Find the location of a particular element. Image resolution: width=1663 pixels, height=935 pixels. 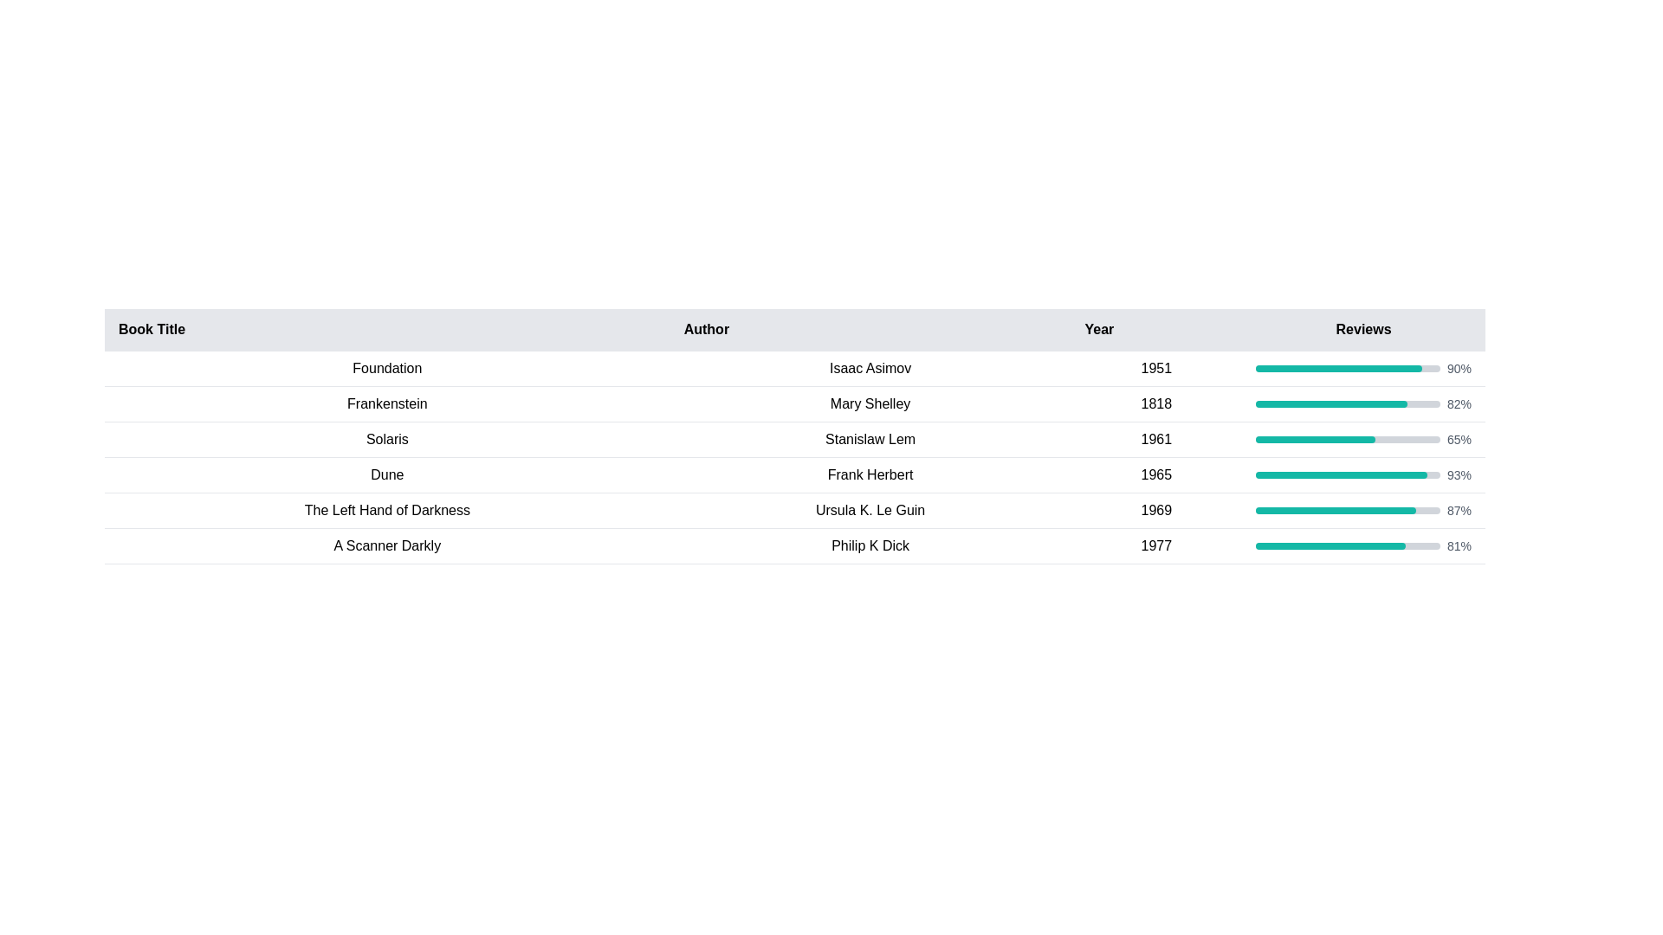

the text element displaying the author's name 'Stanislaw Lem', which is the second column in a table row containing the book title 'Solaris' and the year '1961' is located at coordinates (870, 439).